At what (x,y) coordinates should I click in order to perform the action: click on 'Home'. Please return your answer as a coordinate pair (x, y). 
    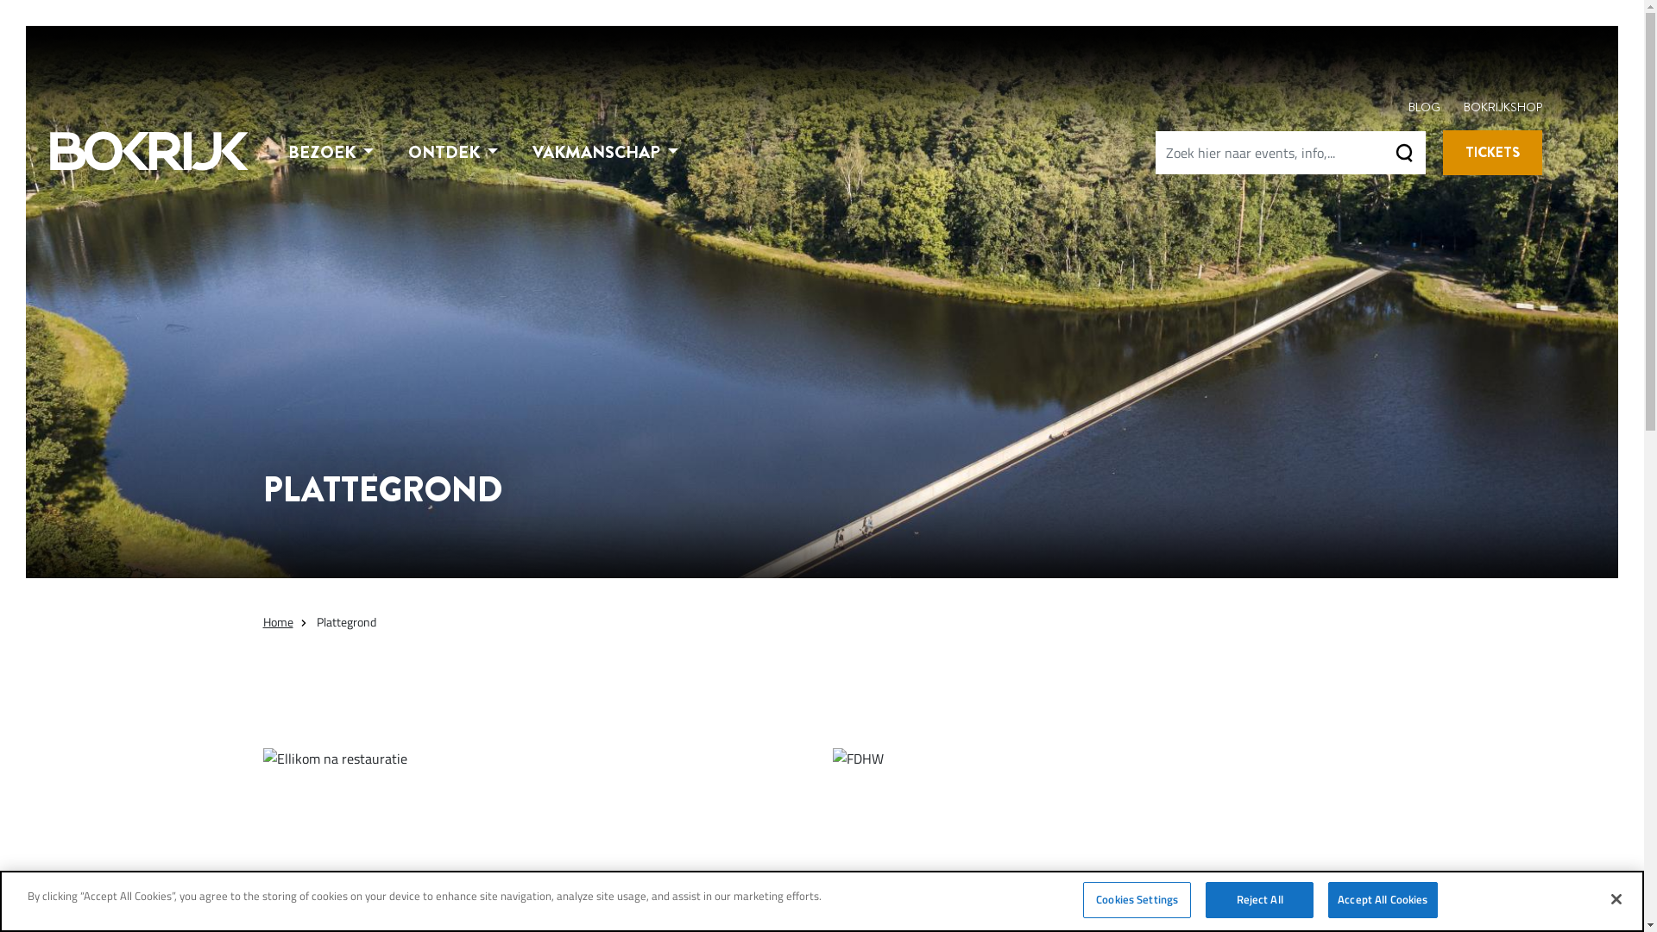
    Looking at the image, I should click on (277, 621).